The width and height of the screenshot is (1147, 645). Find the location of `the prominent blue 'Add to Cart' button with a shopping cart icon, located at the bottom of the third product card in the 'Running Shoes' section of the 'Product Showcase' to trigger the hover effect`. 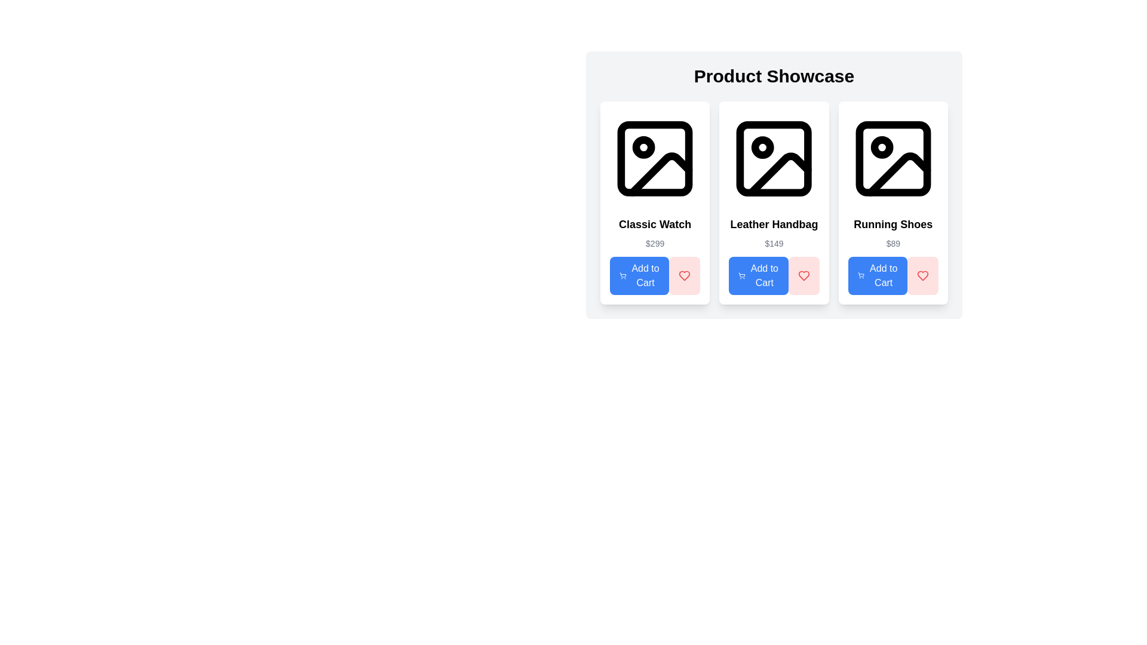

the prominent blue 'Add to Cart' button with a shopping cart icon, located at the bottom of the third product card in the 'Running Shoes' section of the 'Product Showcase' to trigger the hover effect is located at coordinates (878, 276).